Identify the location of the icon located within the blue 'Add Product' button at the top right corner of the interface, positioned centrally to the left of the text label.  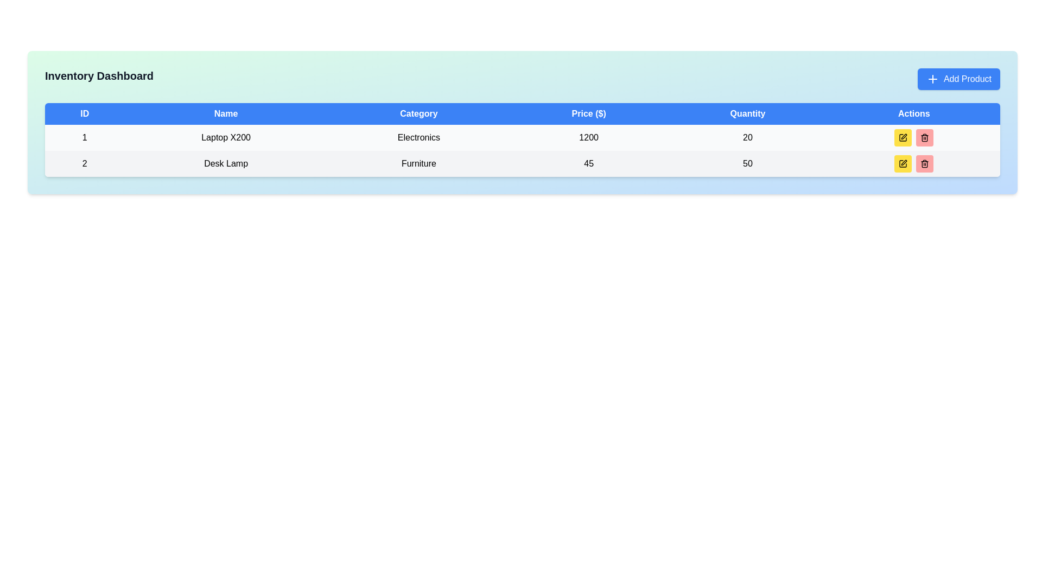
(932, 79).